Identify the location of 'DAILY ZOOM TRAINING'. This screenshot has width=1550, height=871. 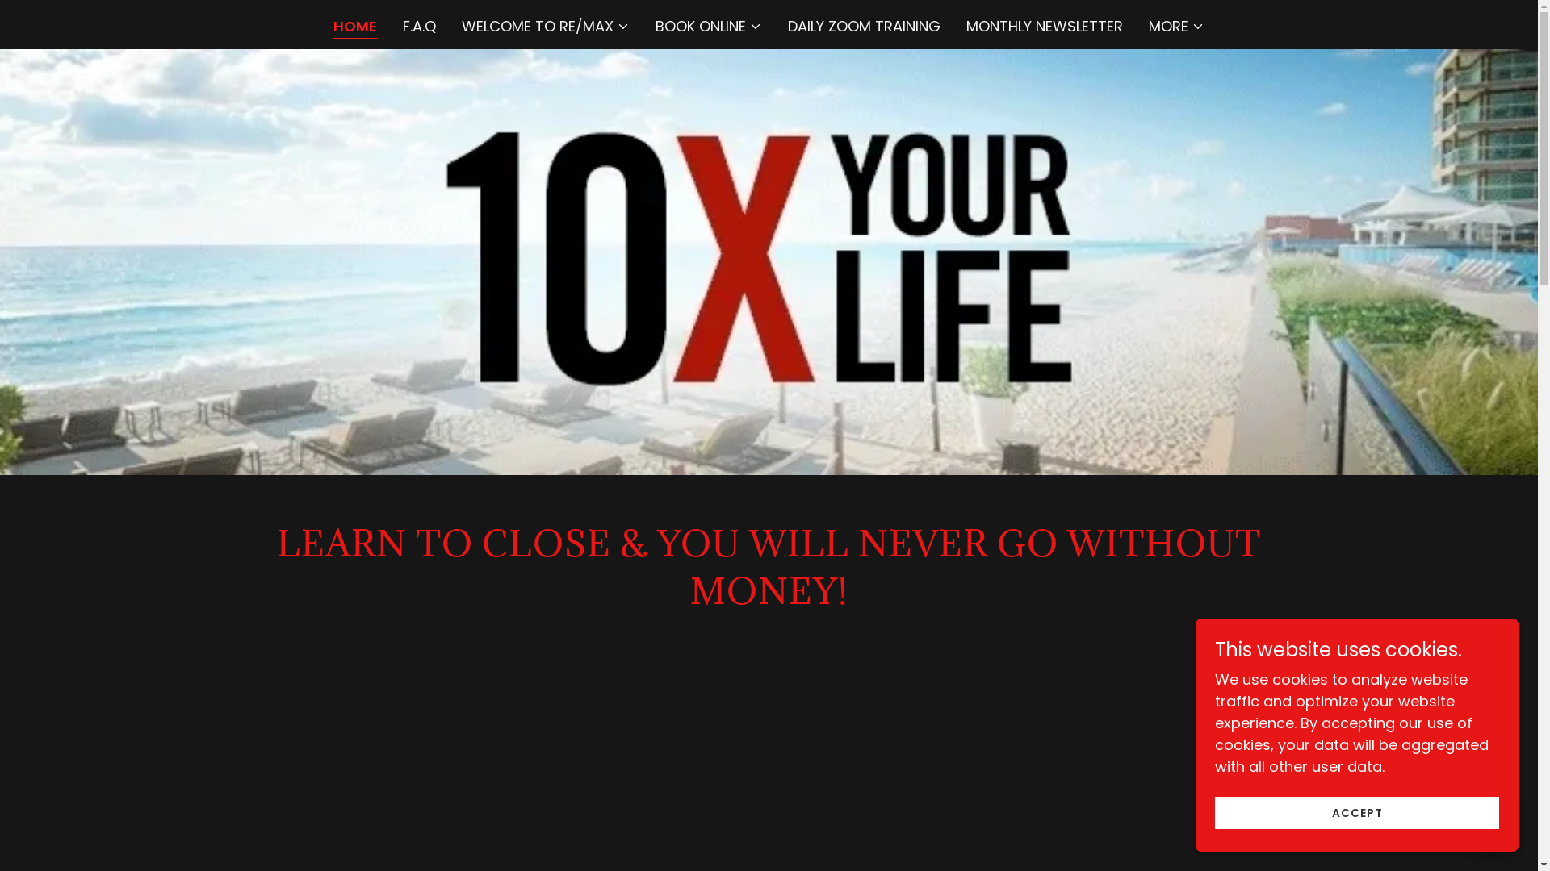
(863, 27).